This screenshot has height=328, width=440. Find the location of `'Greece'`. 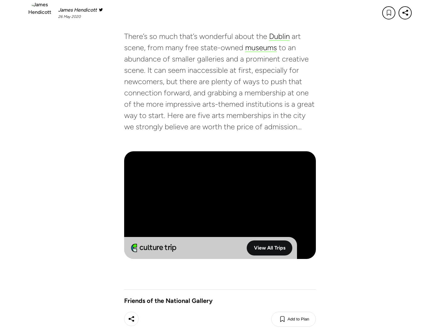

'Greece' is located at coordinates (123, 299).